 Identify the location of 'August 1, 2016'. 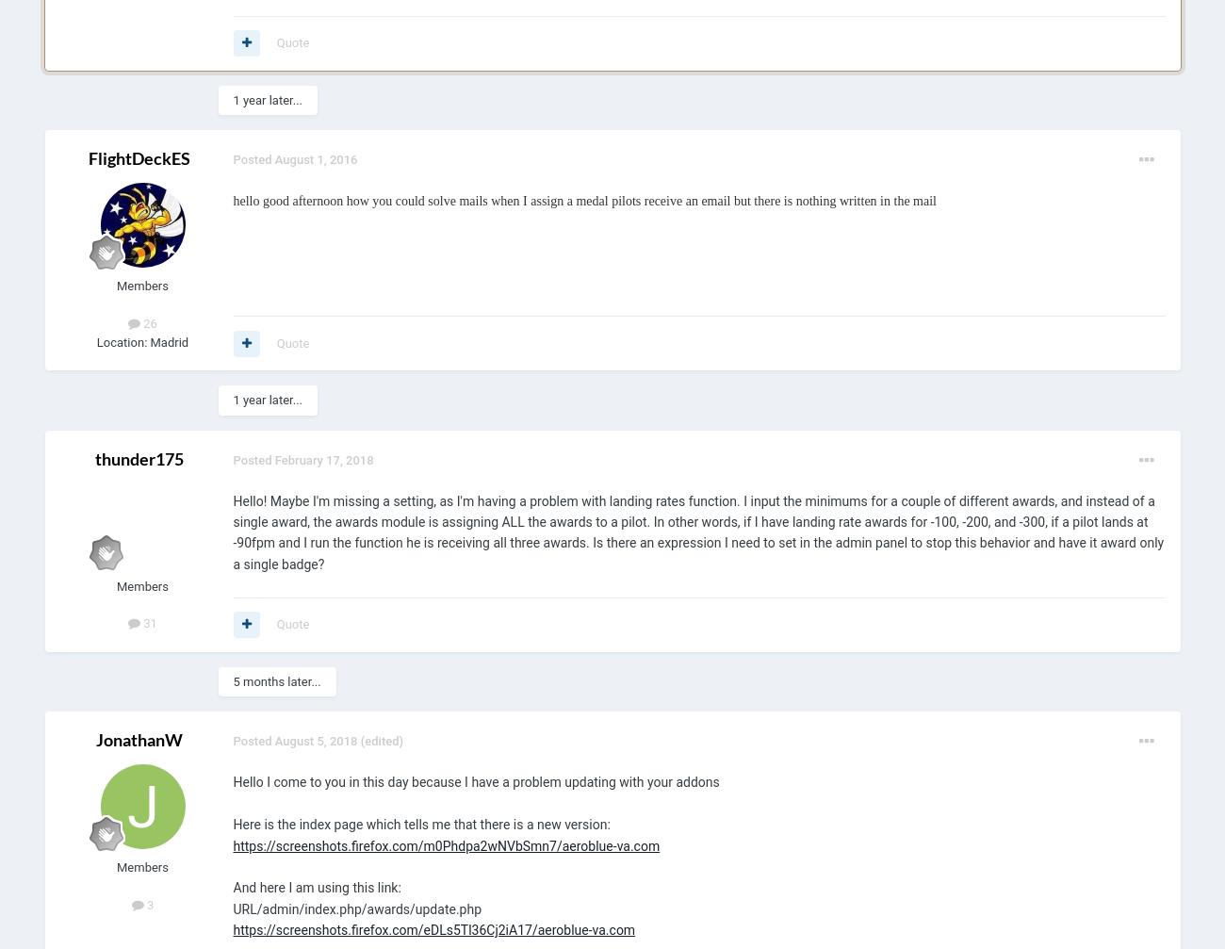
(315, 159).